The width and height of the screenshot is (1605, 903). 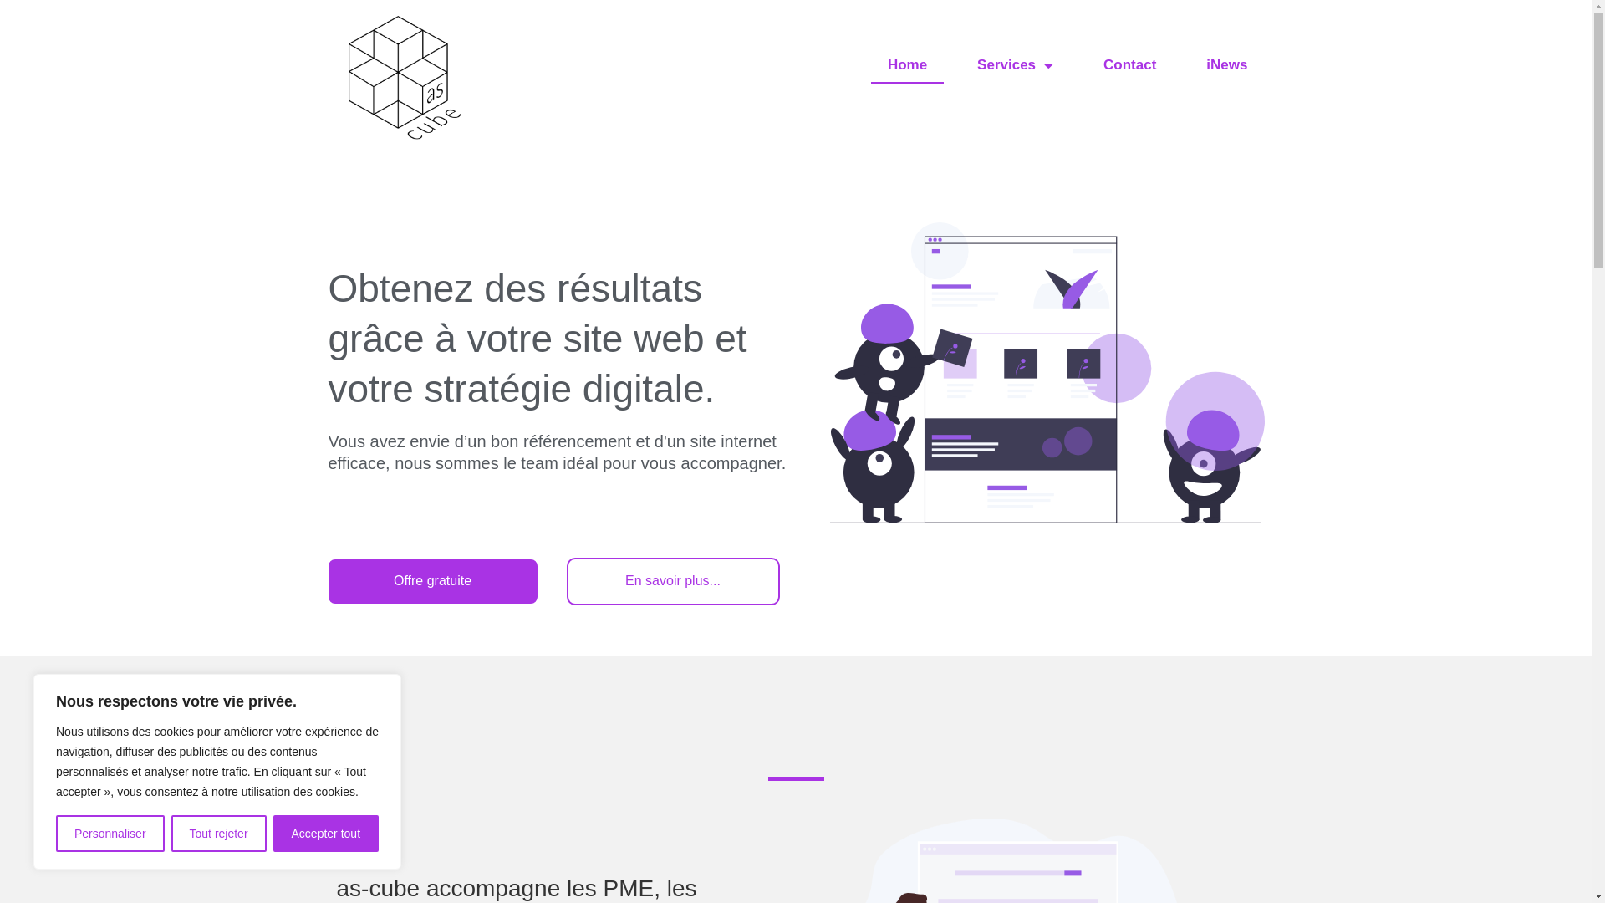 What do you see at coordinates (110, 833) in the screenshot?
I see `'Personnaliser'` at bounding box center [110, 833].